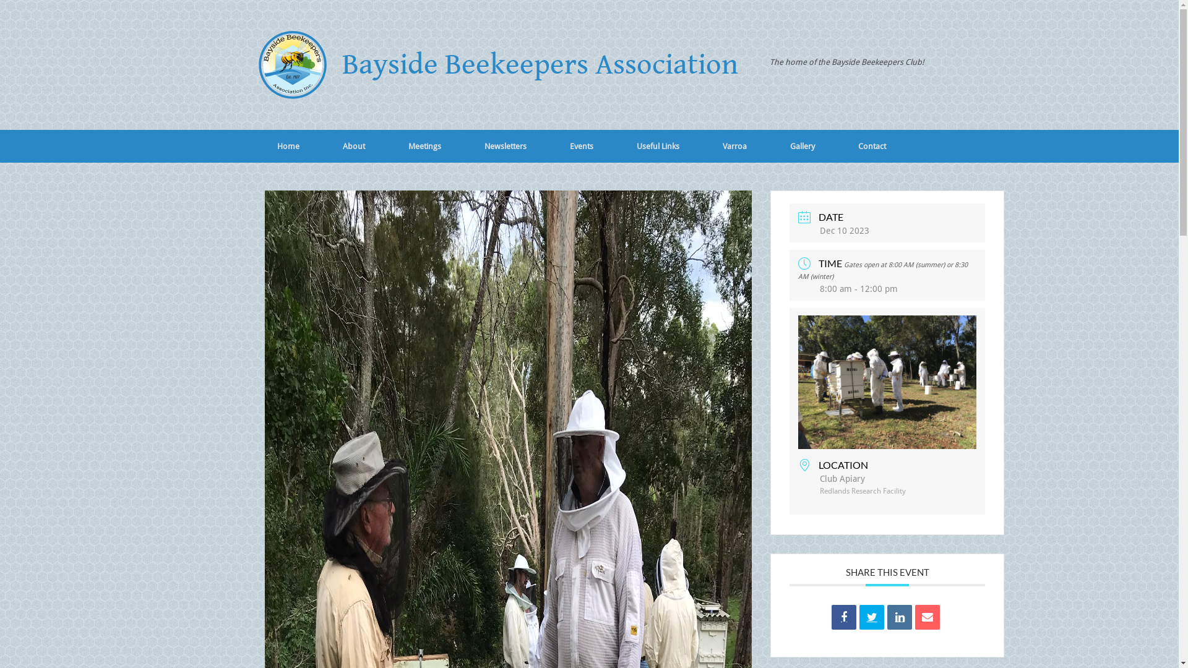 The width and height of the screenshot is (1188, 668). What do you see at coordinates (837, 145) in the screenshot?
I see `'Contact'` at bounding box center [837, 145].